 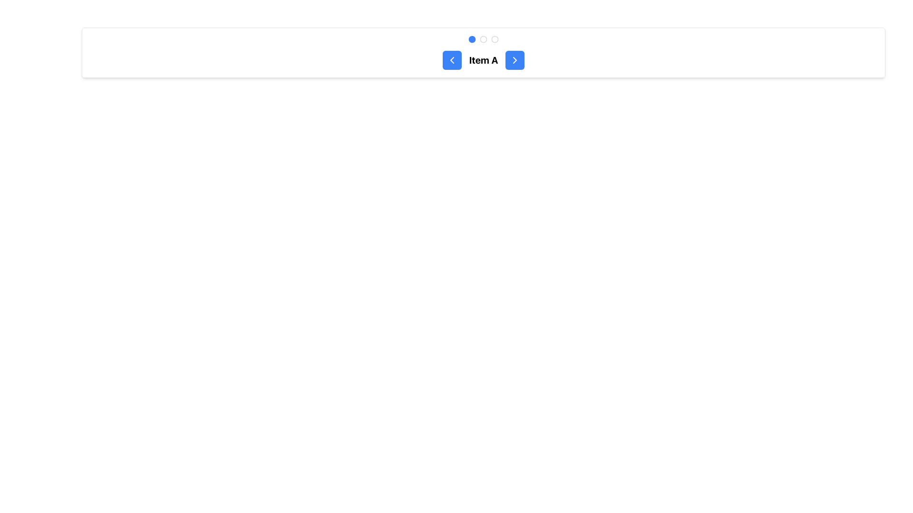 What do you see at coordinates (484, 60) in the screenshot?
I see `the Text Label located at the top center of the navigation bar, which serves as a title or label for the currently displayed item or section` at bounding box center [484, 60].